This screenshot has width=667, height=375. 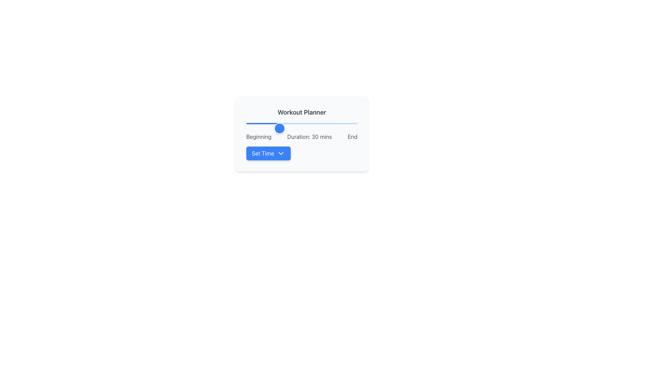 What do you see at coordinates (322, 123) in the screenshot?
I see `the slider` at bounding box center [322, 123].